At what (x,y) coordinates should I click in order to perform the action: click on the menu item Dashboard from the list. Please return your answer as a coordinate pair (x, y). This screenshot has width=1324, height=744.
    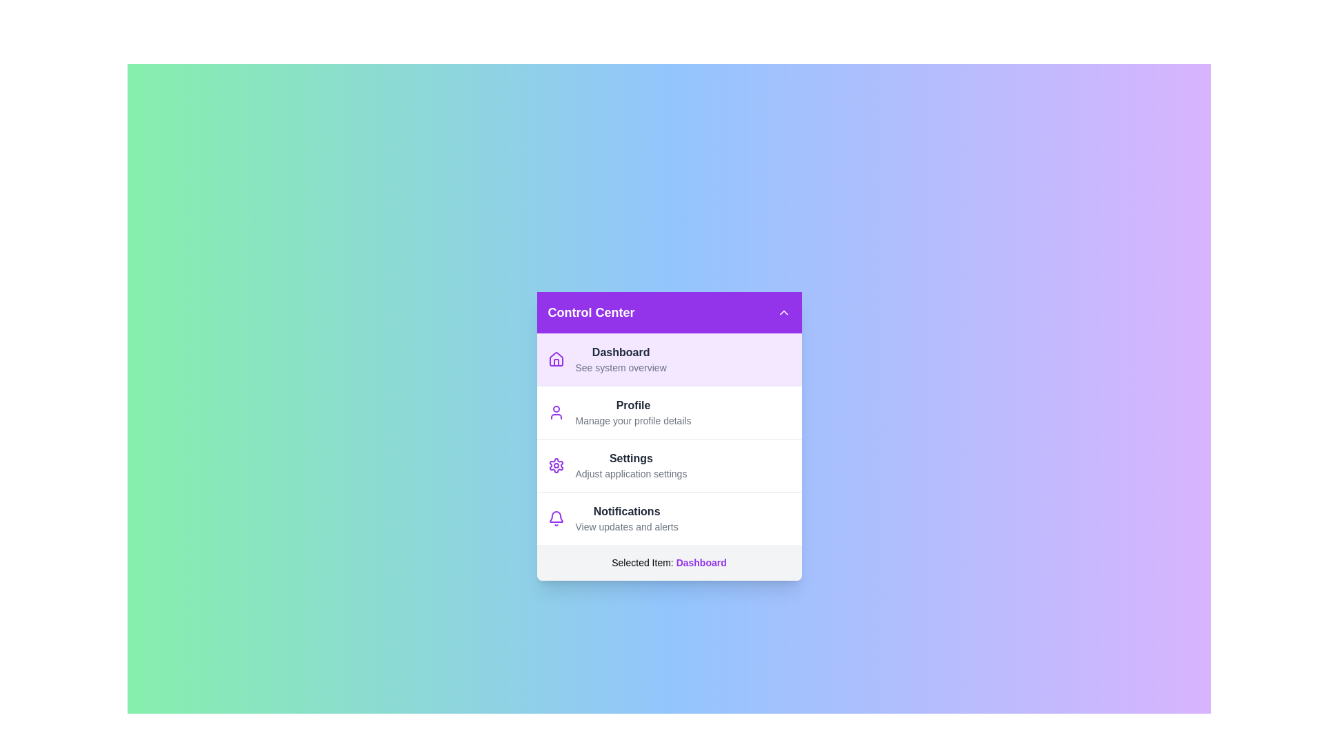
    Looking at the image, I should click on (669, 358).